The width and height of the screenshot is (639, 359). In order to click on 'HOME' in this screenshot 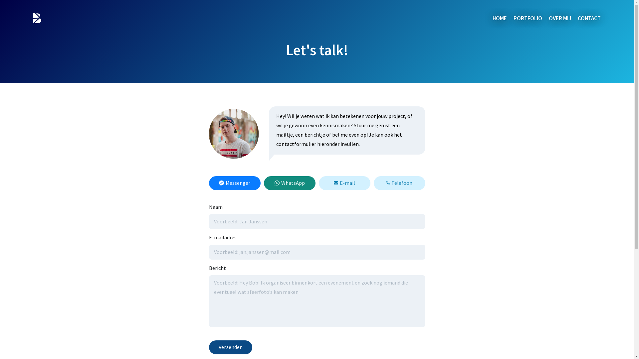, I will do `click(500, 18)`.